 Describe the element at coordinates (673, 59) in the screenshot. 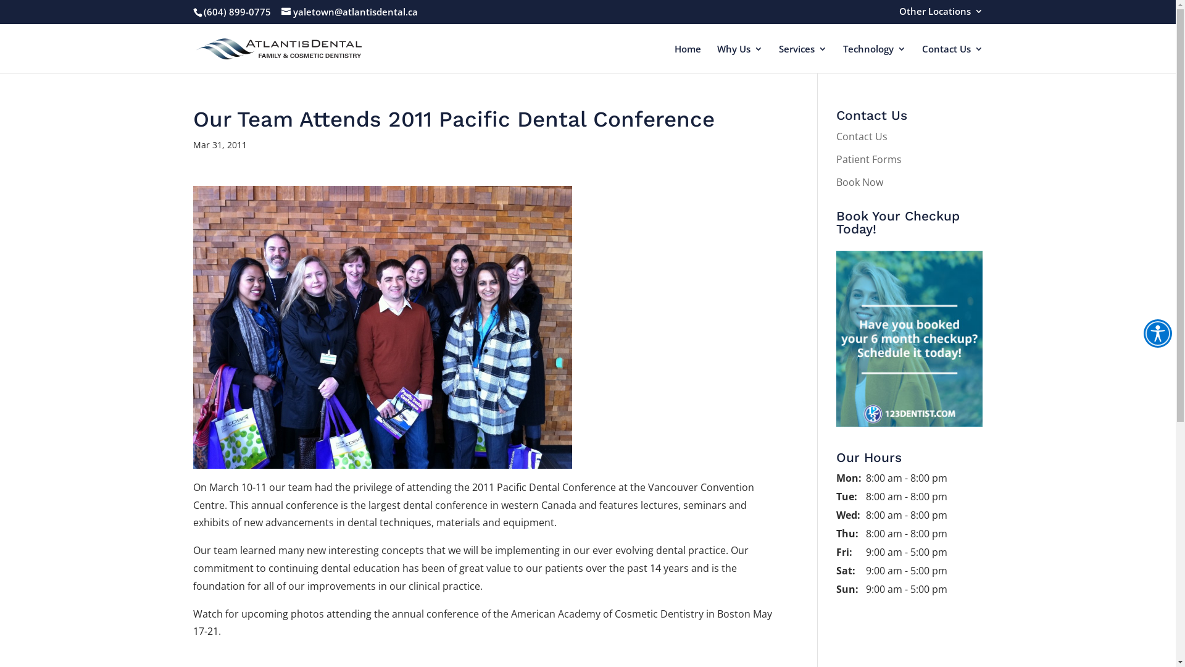

I see `'Home'` at that location.